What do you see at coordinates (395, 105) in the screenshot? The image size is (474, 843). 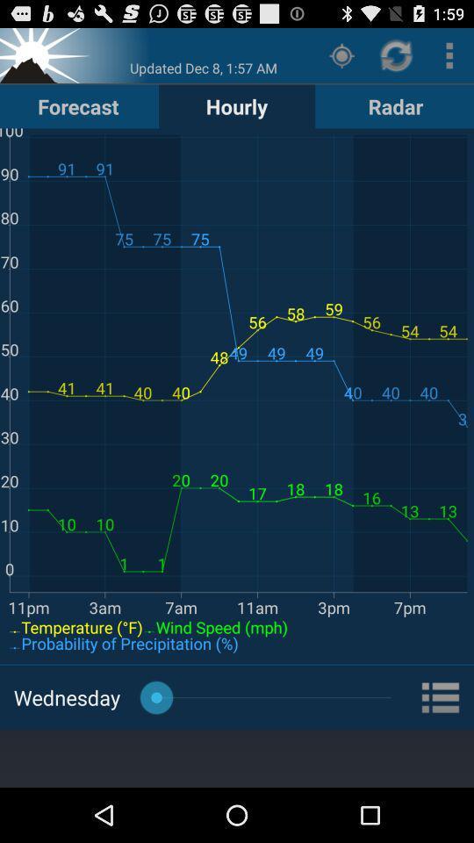 I see `icon to the right of hourly item` at bounding box center [395, 105].